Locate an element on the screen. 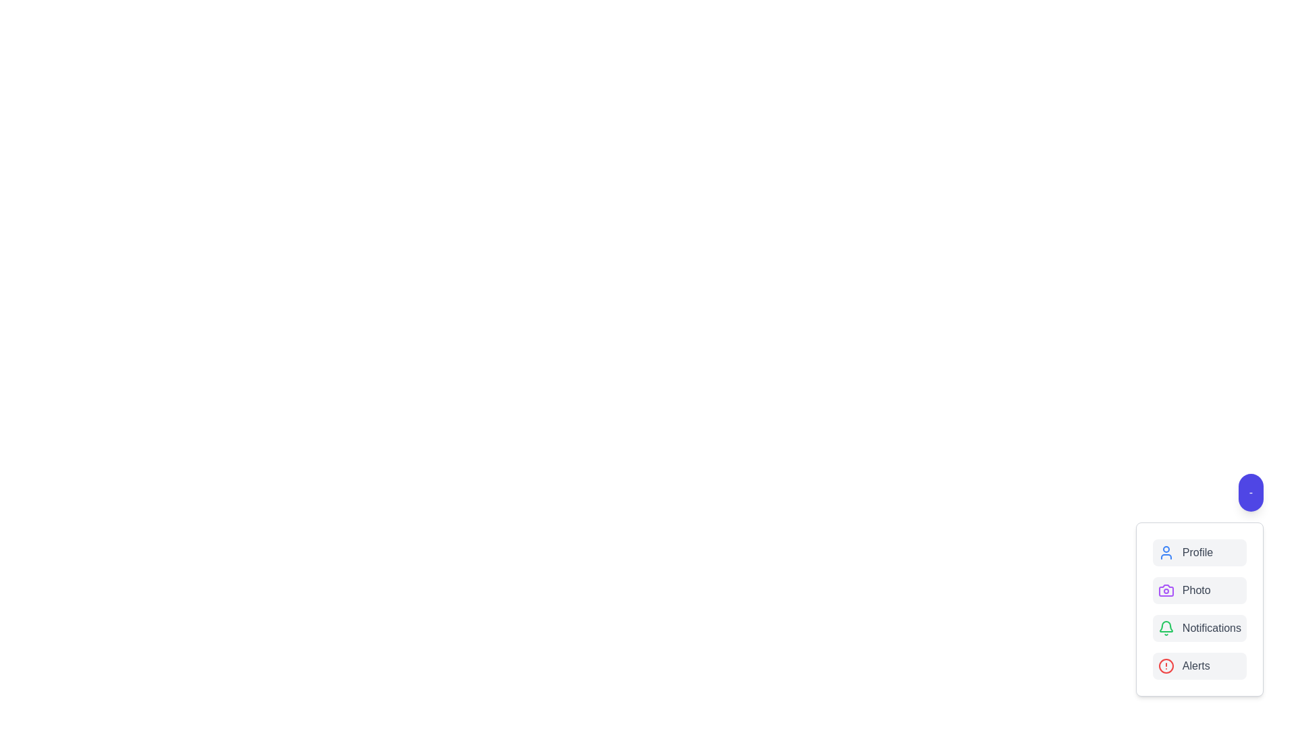 This screenshot has width=1296, height=729. the button labeled Profile is located at coordinates (1199, 552).